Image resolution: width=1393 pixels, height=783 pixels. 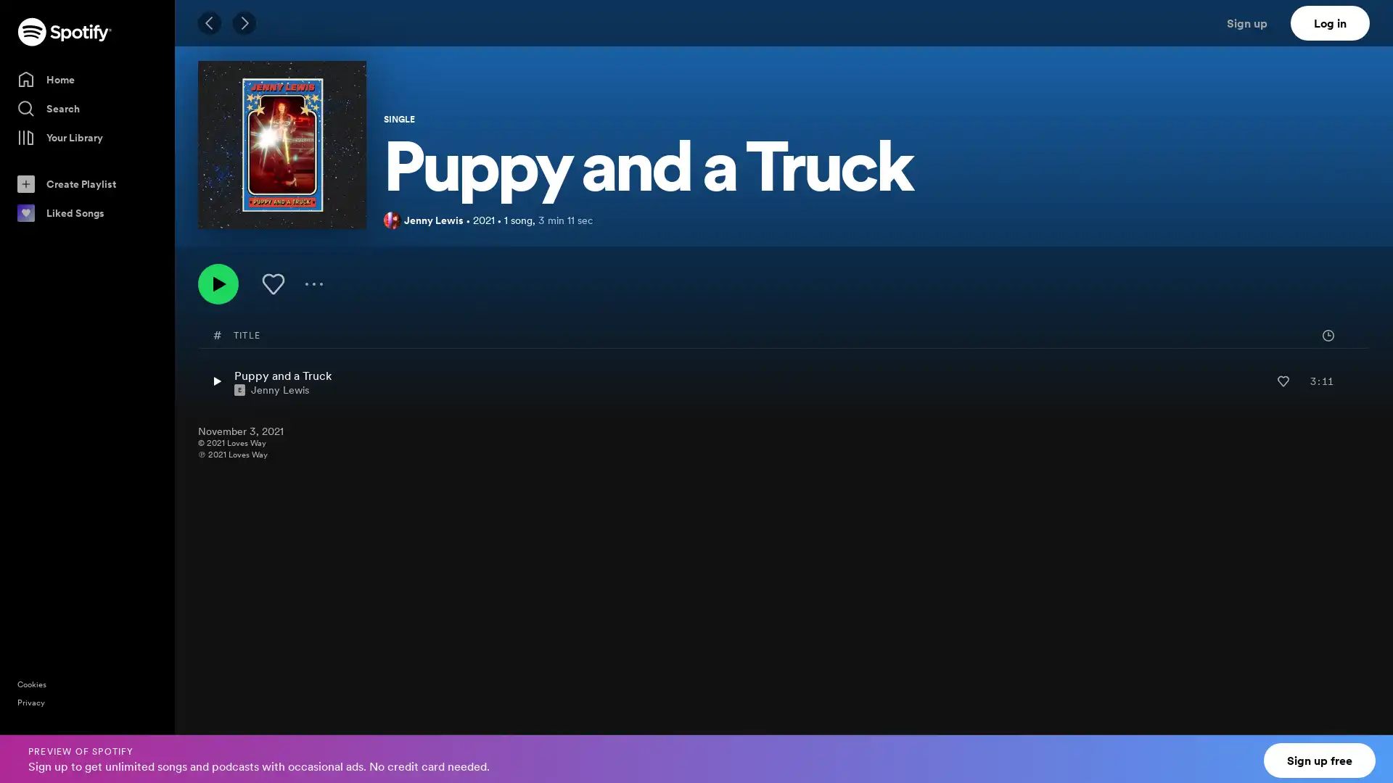 I want to click on Log in, so click(x=1330, y=22).